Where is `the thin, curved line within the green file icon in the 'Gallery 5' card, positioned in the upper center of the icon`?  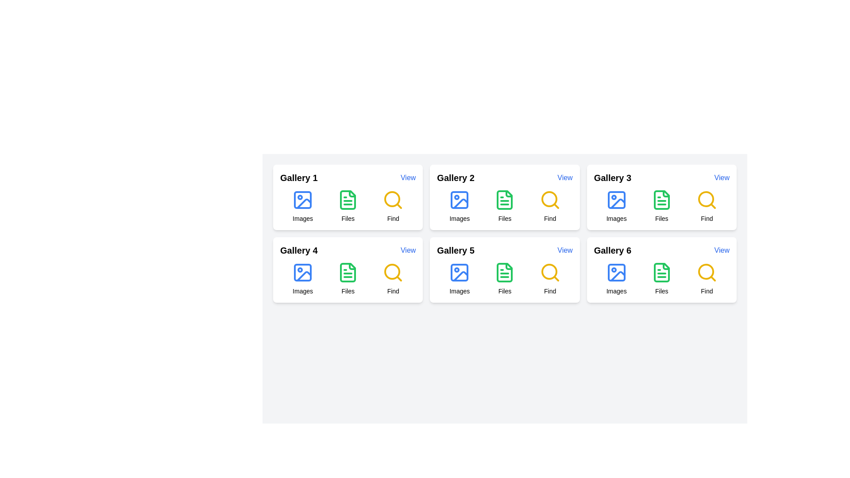
the thin, curved line within the green file icon in the 'Gallery 5' card, positioned in the upper center of the icon is located at coordinates (509, 266).